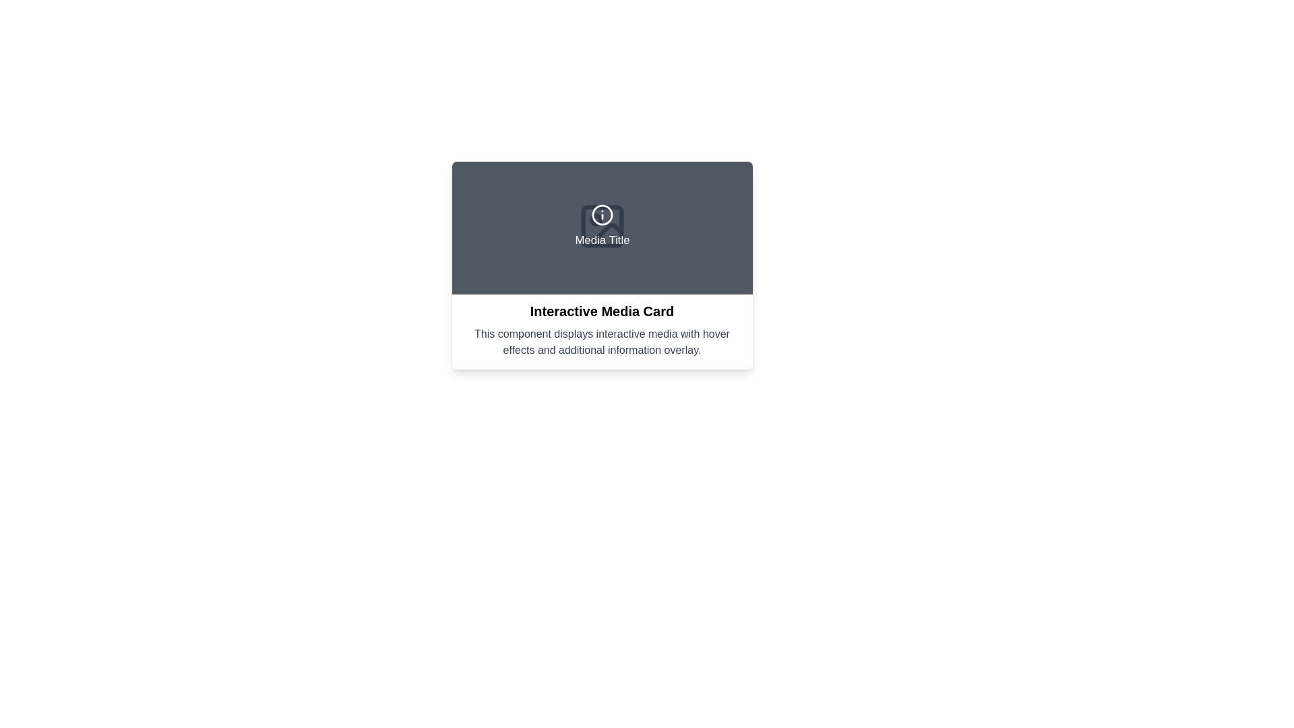 The height and width of the screenshot is (728, 1294). I want to click on the text label displaying 'Media Title' in white font on a dark gray background, so click(601, 240).